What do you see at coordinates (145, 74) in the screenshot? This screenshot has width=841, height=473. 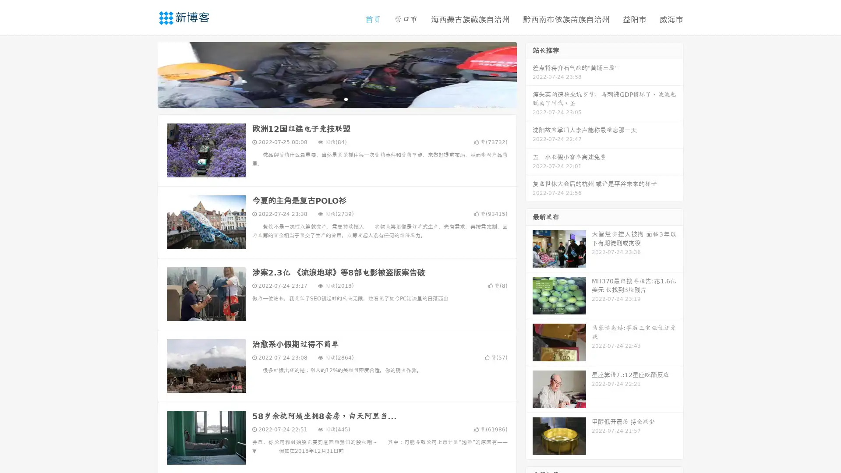 I see `Previous slide` at bounding box center [145, 74].